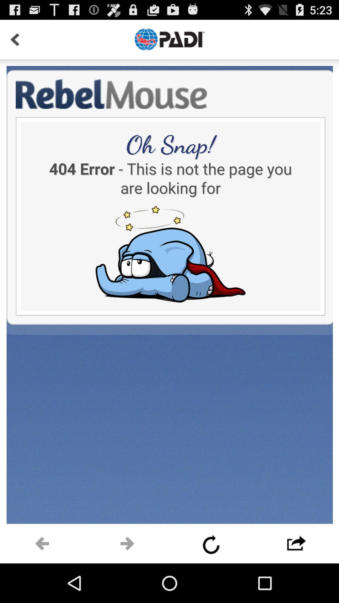 The width and height of the screenshot is (339, 603). Describe the element at coordinates (42, 543) in the screenshot. I see `next` at that location.